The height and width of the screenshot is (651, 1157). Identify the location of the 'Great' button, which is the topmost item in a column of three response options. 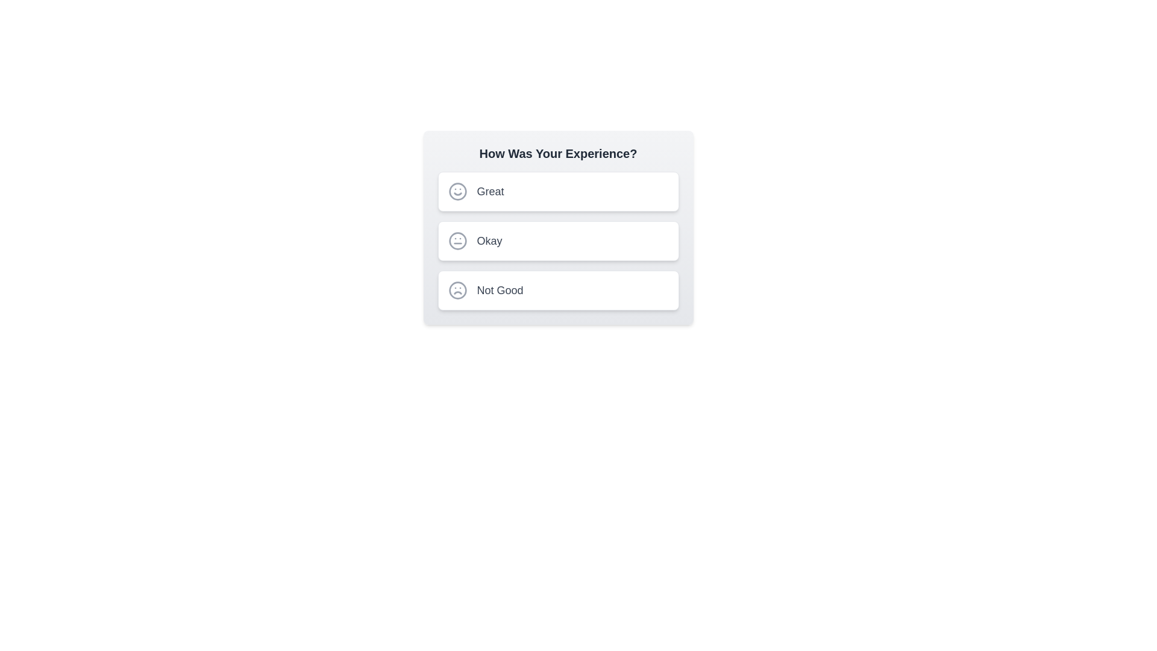
(557, 190).